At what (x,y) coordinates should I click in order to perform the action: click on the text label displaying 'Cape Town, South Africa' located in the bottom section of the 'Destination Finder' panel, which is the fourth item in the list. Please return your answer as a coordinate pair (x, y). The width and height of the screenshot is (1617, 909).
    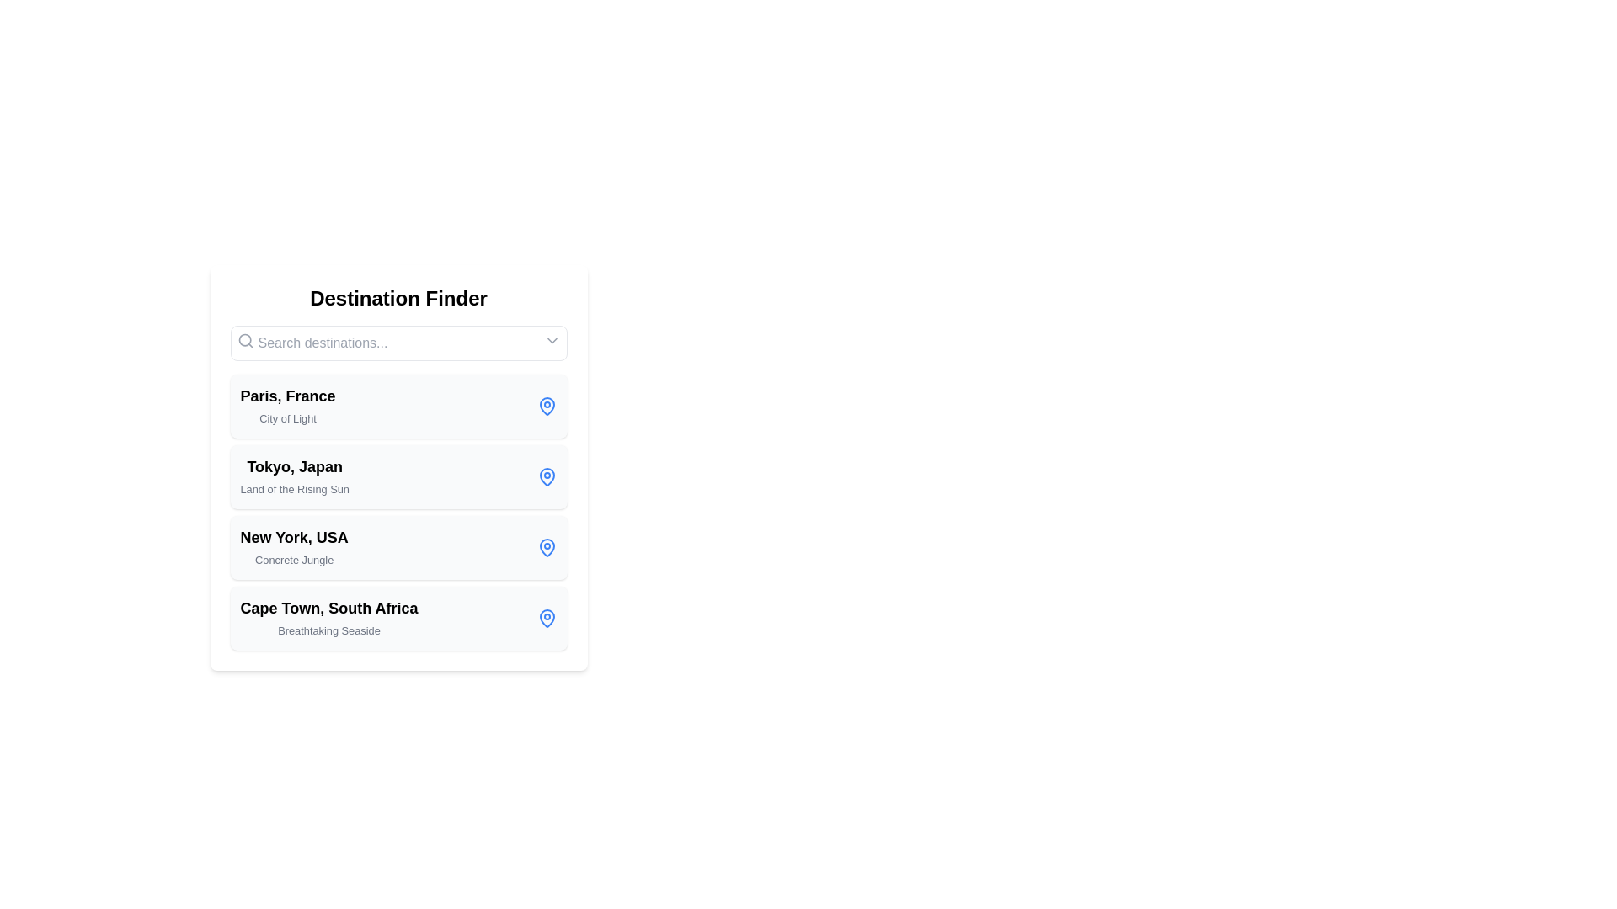
    Looking at the image, I should click on (329, 608).